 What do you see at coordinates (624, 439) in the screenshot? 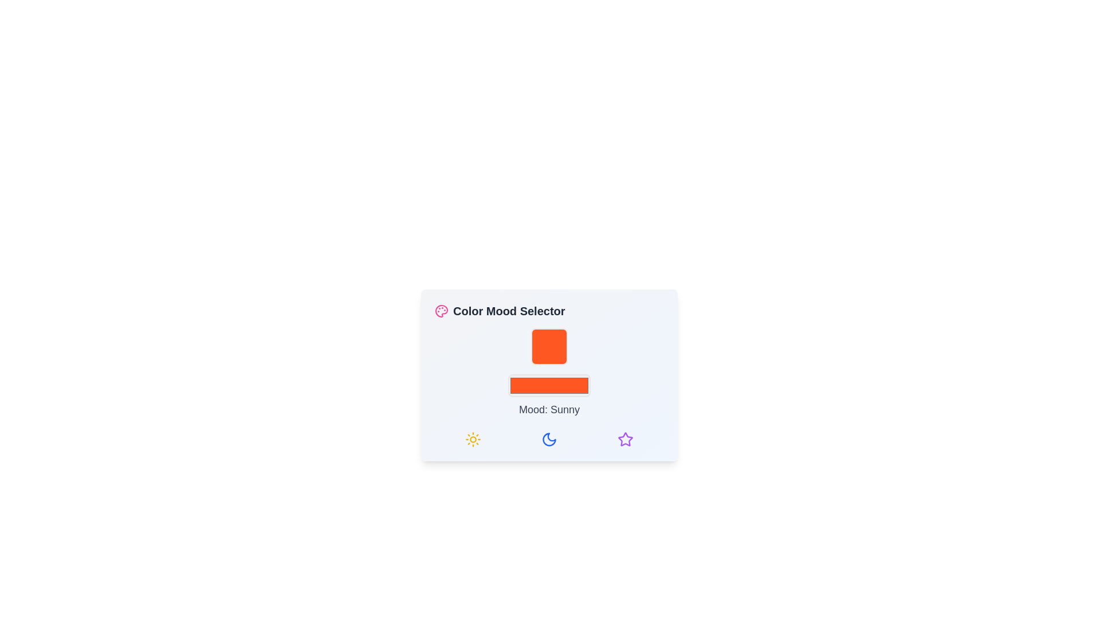
I see `the star icon located at the far right of the icon group` at bounding box center [624, 439].